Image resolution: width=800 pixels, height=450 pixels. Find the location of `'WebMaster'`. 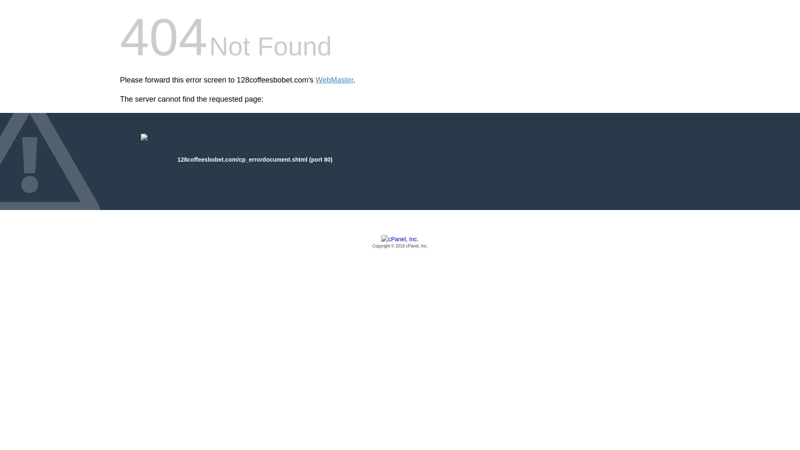

'WebMaster' is located at coordinates (334, 80).